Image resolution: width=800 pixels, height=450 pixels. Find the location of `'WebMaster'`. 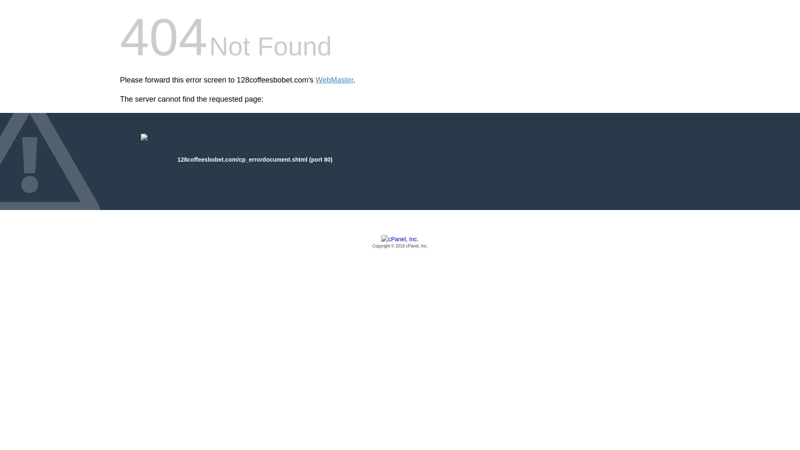

'WebMaster' is located at coordinates (334, 80).